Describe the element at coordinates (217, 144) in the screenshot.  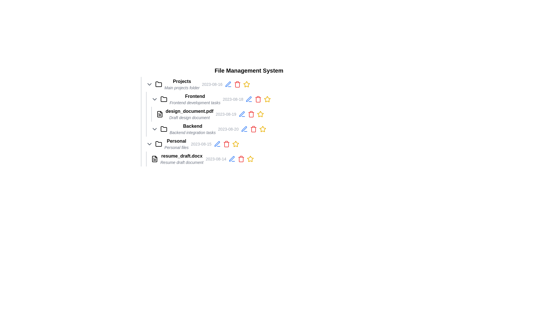
I see `the blue pen icon button located next to the text 'Personal files' under the 'Personal' folder` at that location.